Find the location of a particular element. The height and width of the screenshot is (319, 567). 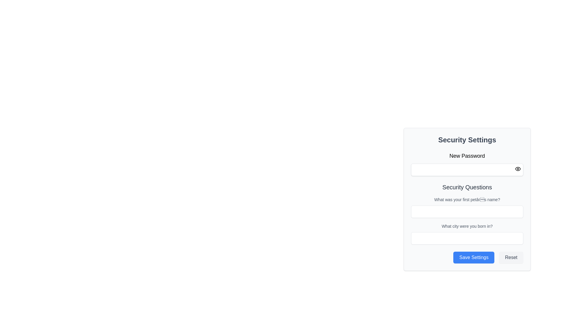

the 'Save Changes' button located at the bottom-right end of the 'Security Settings' form is located at coordinates (467, 257).